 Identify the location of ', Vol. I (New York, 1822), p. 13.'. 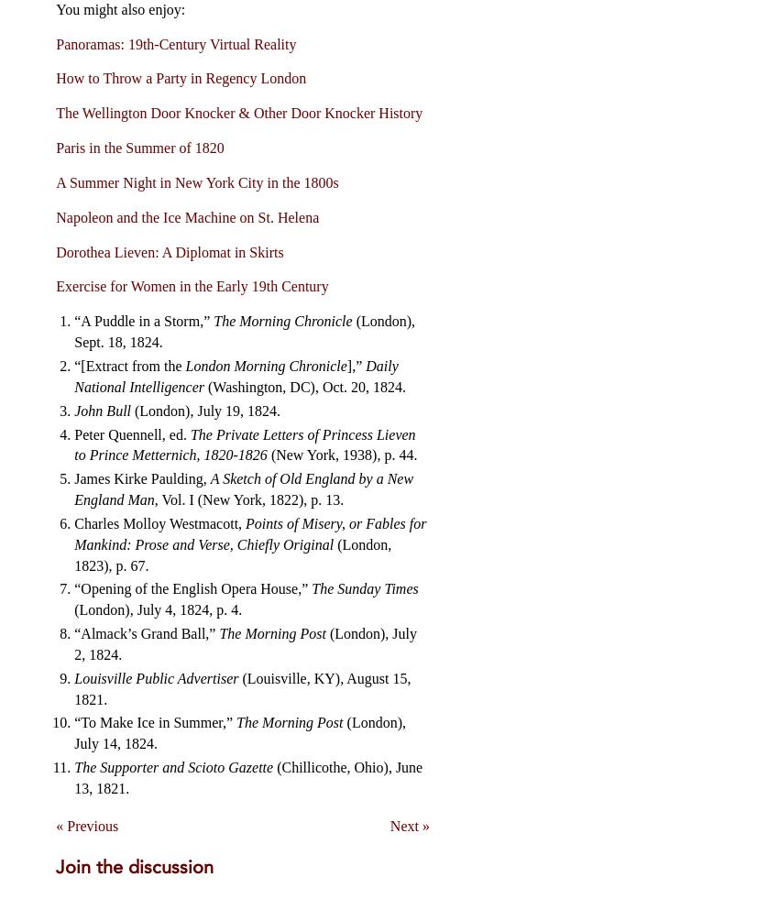
(153, 499).